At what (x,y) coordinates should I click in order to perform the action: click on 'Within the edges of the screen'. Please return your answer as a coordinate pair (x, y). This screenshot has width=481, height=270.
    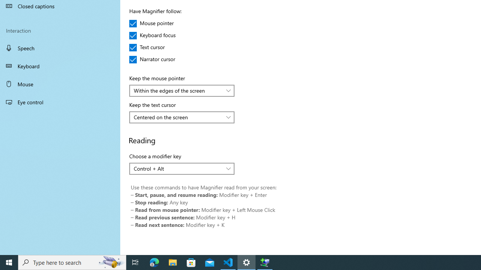
    Looking at the image, I should click on (177, 90).